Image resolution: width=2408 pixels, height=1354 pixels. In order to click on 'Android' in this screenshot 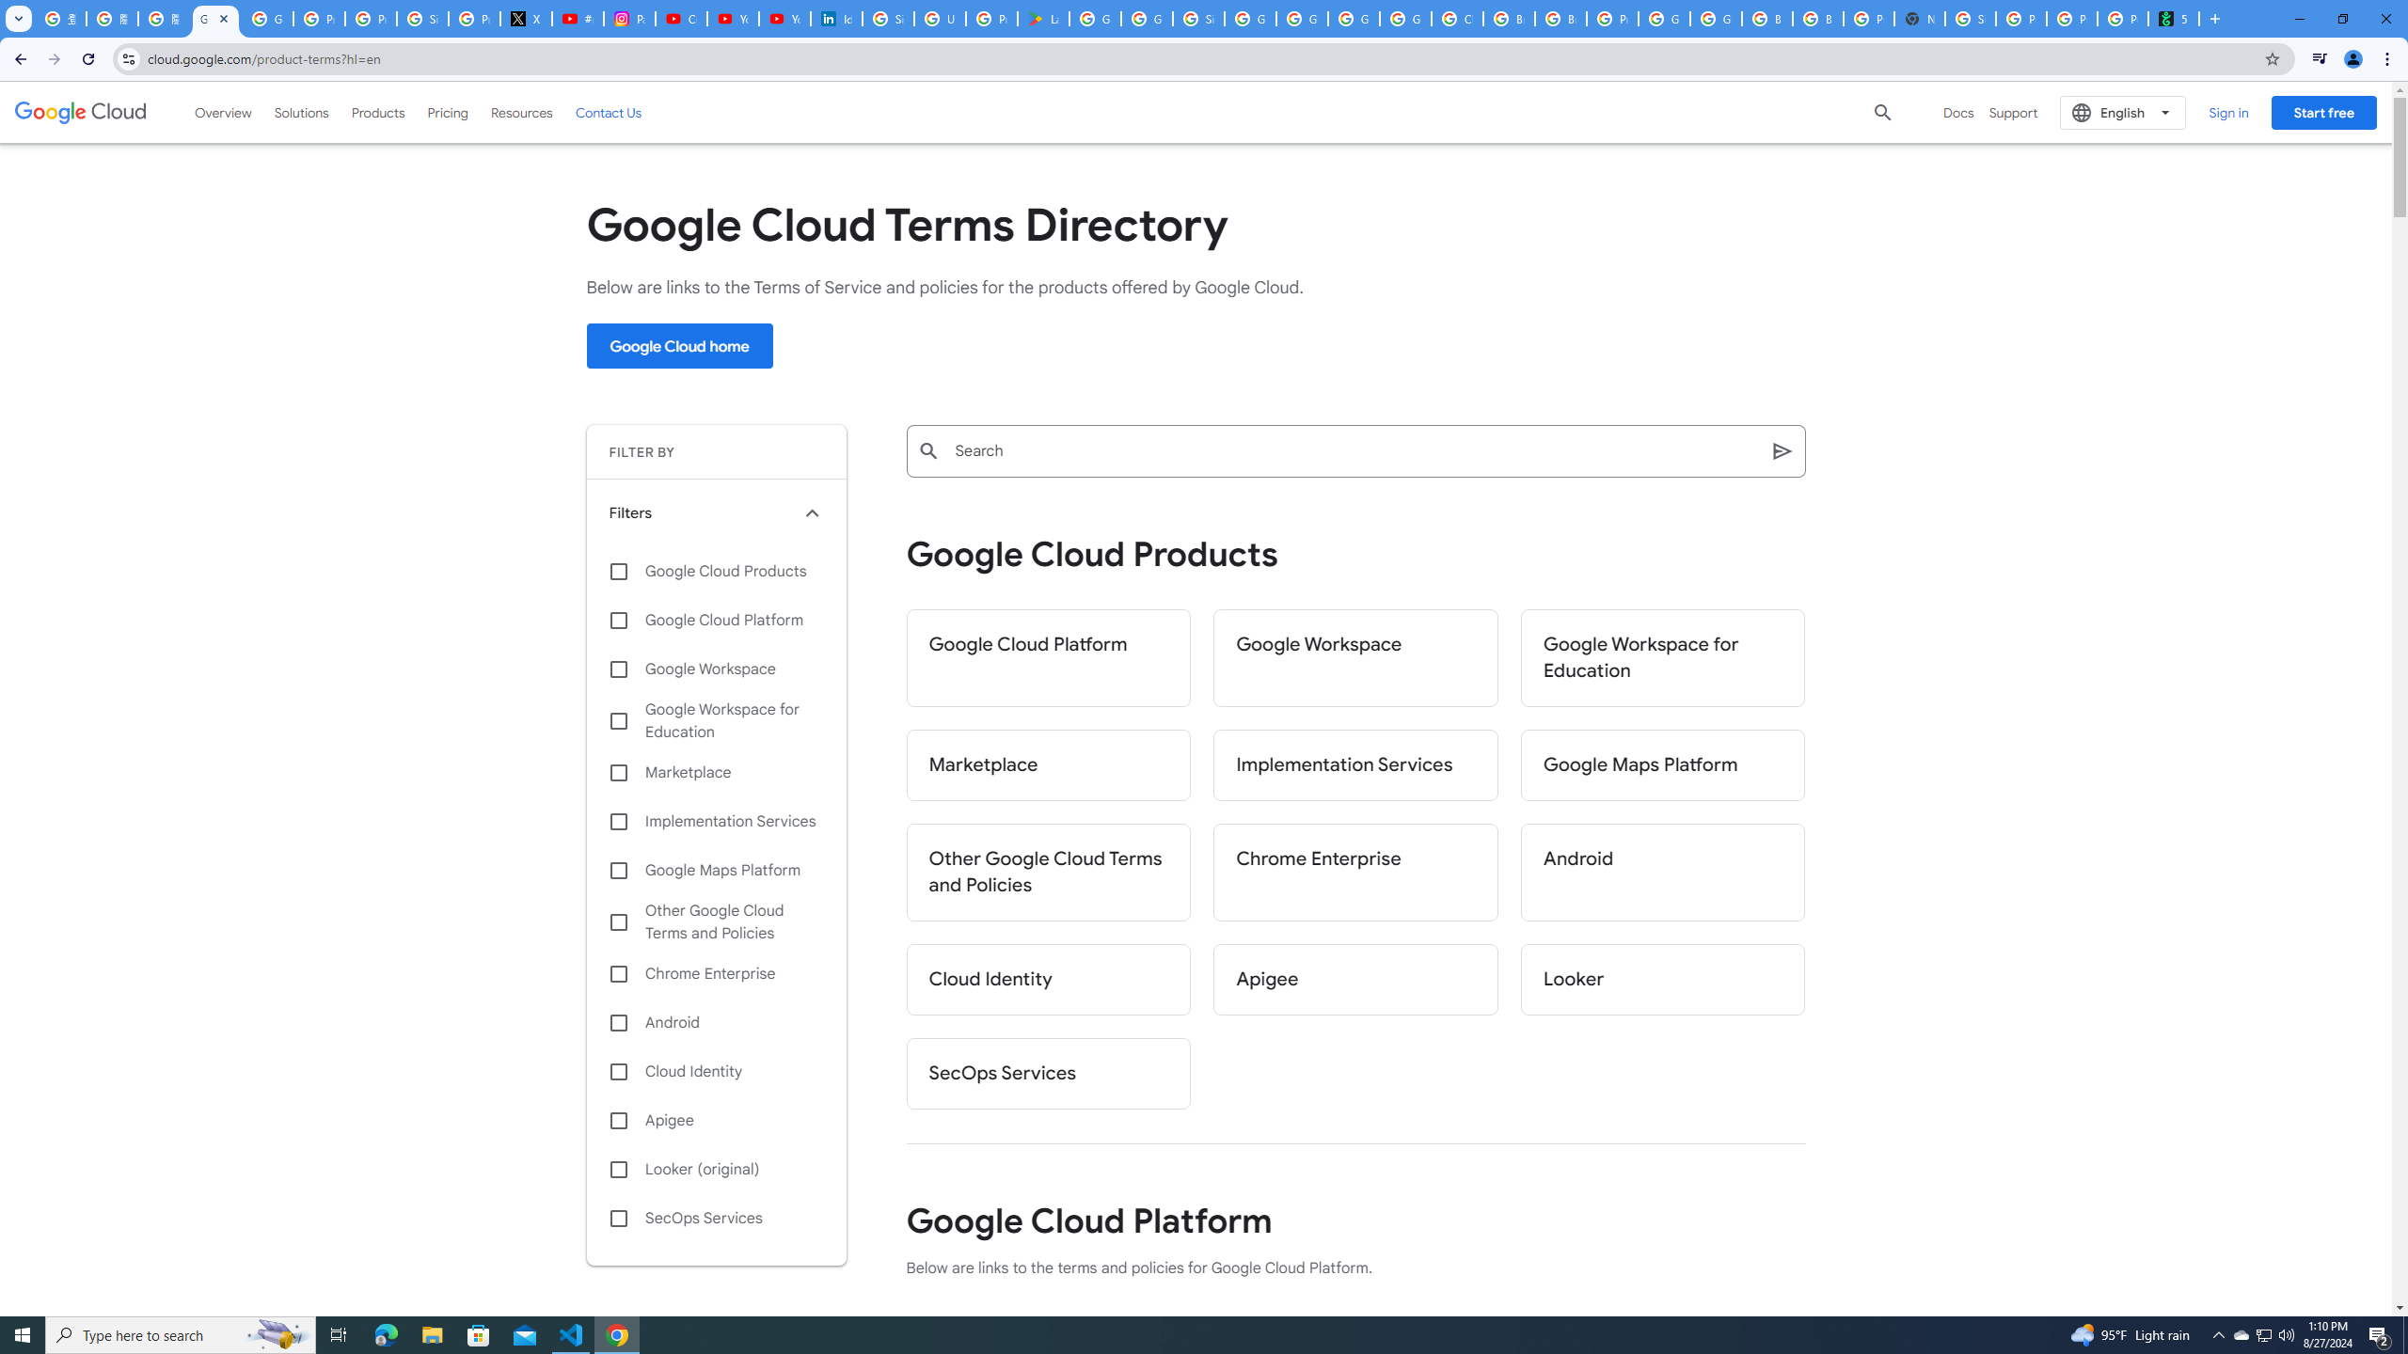, I will do `click(716, 1022)`.